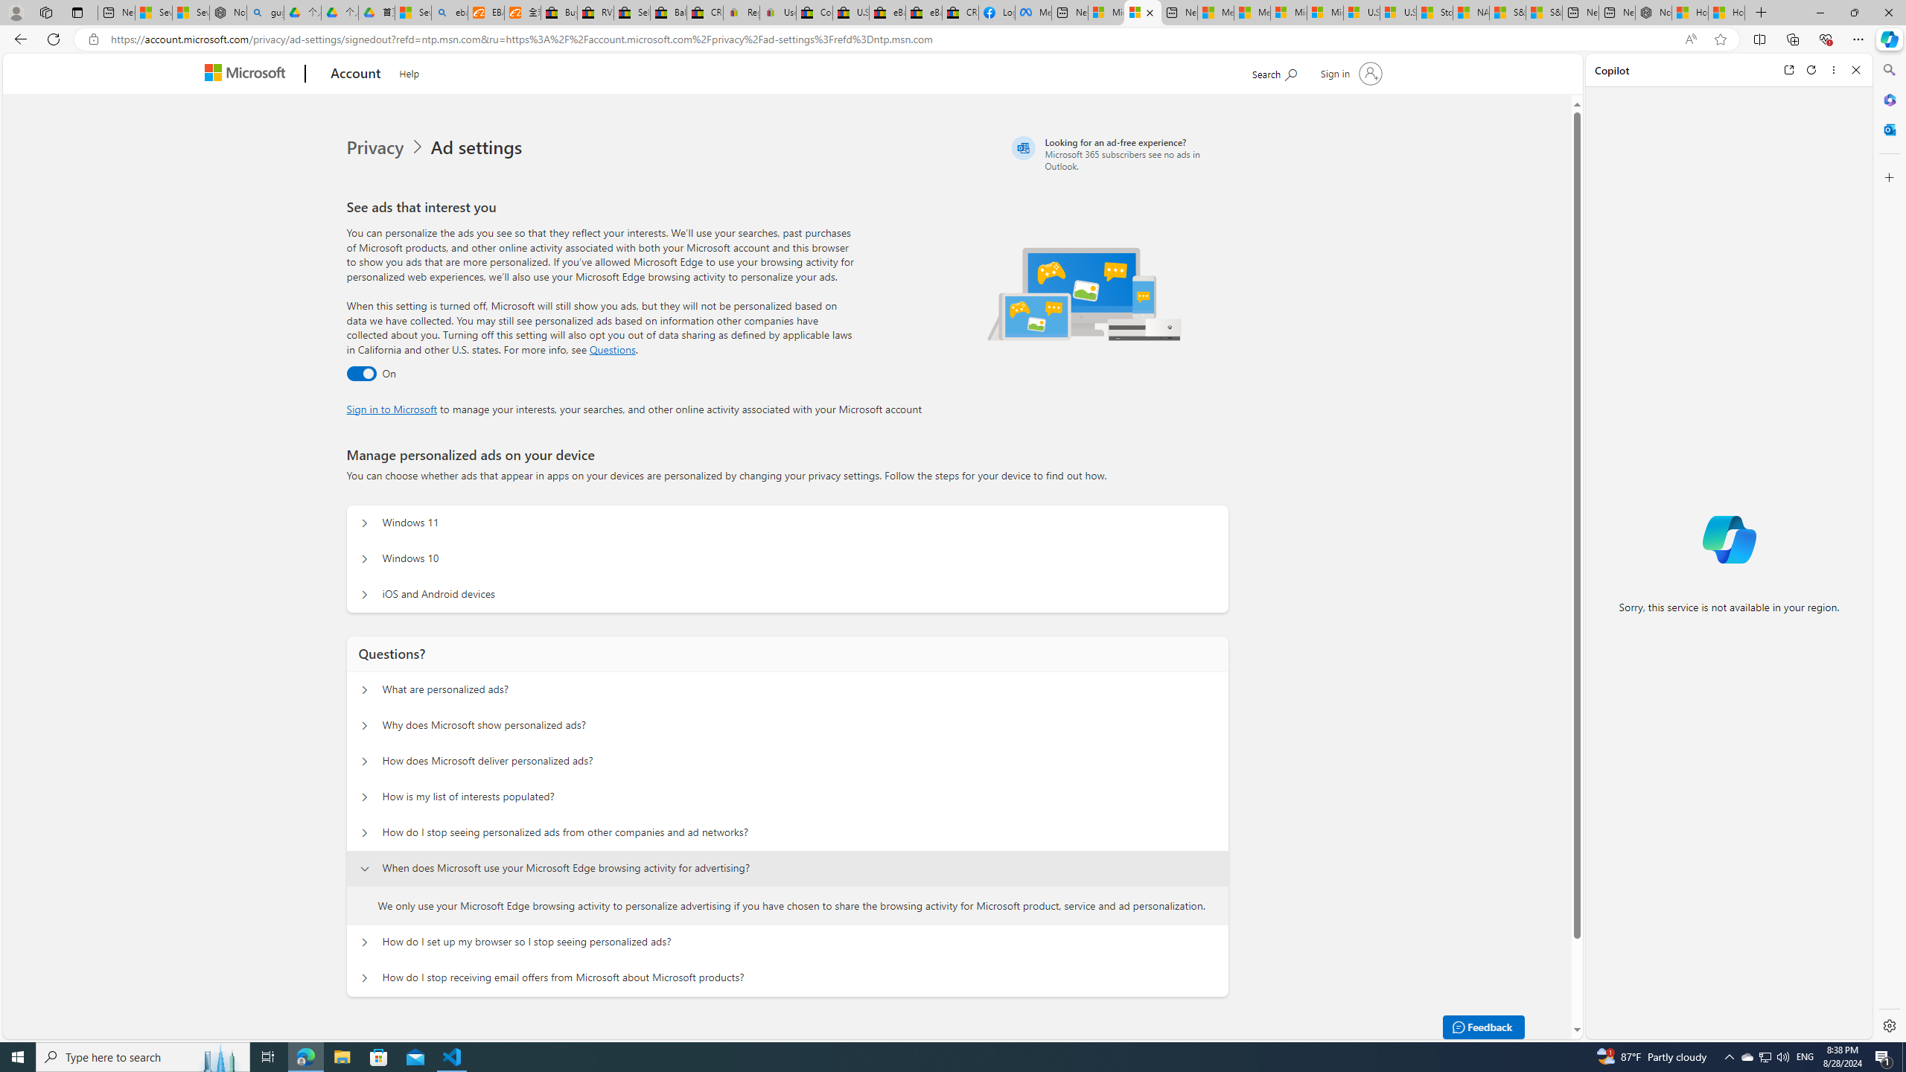 The image size is (1906, 1072). Describe the element at coordinates (1350, 72) in the screenshot. I see `'Sign in to your account'` at that location.